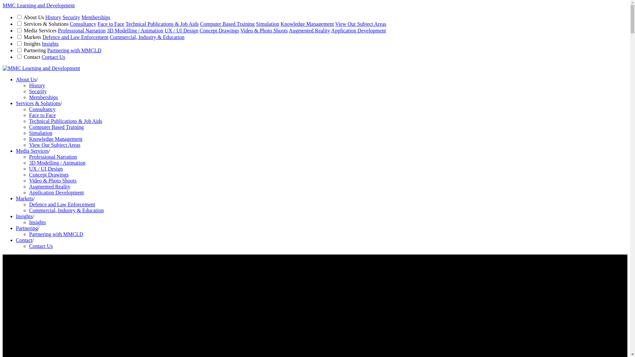  What do you see at coordinates (24, 216) in the screenshot?
I see `'Insights'` at bounding box center [24, 216].